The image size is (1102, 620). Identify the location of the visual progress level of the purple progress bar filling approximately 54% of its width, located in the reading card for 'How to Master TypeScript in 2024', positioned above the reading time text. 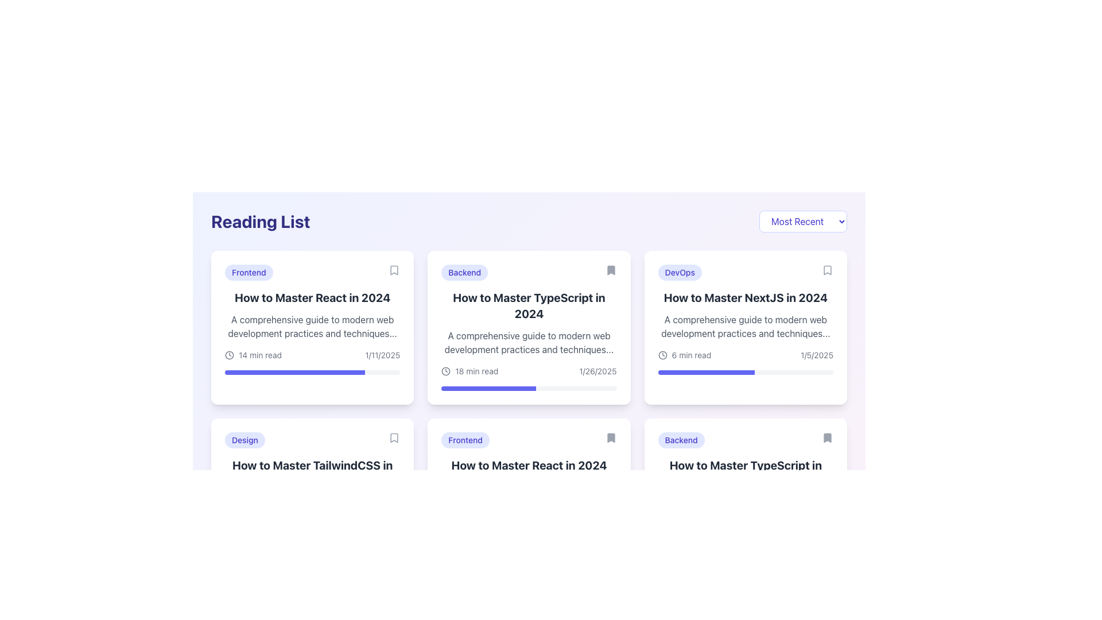
(488, 388).